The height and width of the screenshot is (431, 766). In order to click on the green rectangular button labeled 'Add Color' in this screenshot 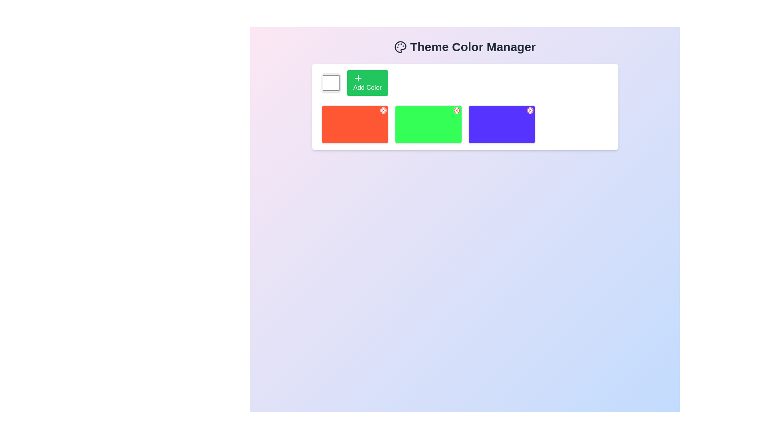, I will do `click(367, 83)`.